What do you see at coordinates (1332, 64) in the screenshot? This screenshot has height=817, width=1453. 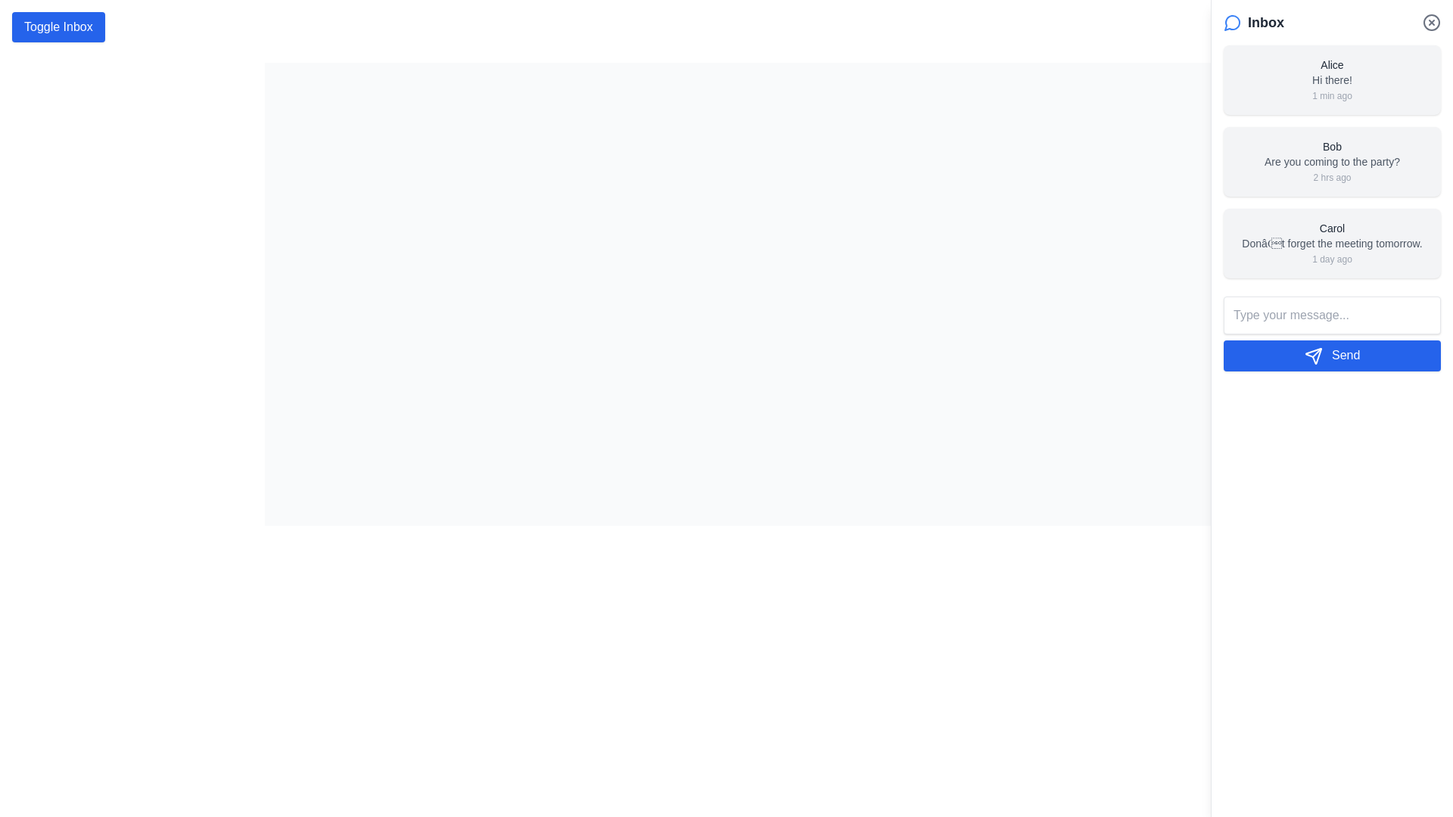 I see `the static text label displaying the name 'Alice', which is styled with a medium-weight font in gray color and located at the top of the first message block in the inbox panel` at bounding box center [1332, 64].